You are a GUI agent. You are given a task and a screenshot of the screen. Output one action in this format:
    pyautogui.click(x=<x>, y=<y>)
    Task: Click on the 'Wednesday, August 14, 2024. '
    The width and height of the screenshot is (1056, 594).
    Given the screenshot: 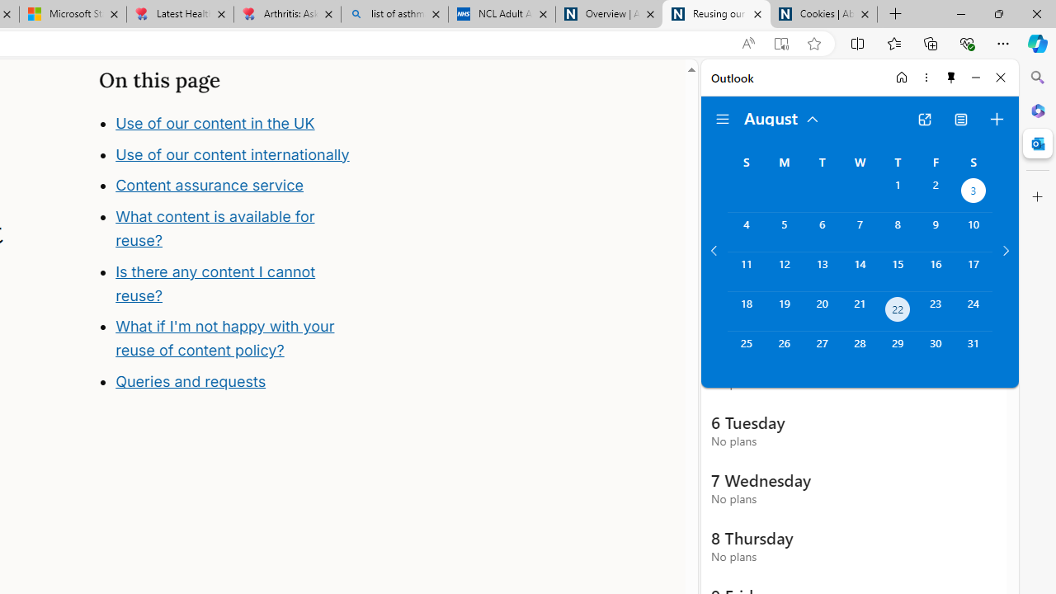 What is the action you would take?
    pyautogui.click(x=859, y=271)
    